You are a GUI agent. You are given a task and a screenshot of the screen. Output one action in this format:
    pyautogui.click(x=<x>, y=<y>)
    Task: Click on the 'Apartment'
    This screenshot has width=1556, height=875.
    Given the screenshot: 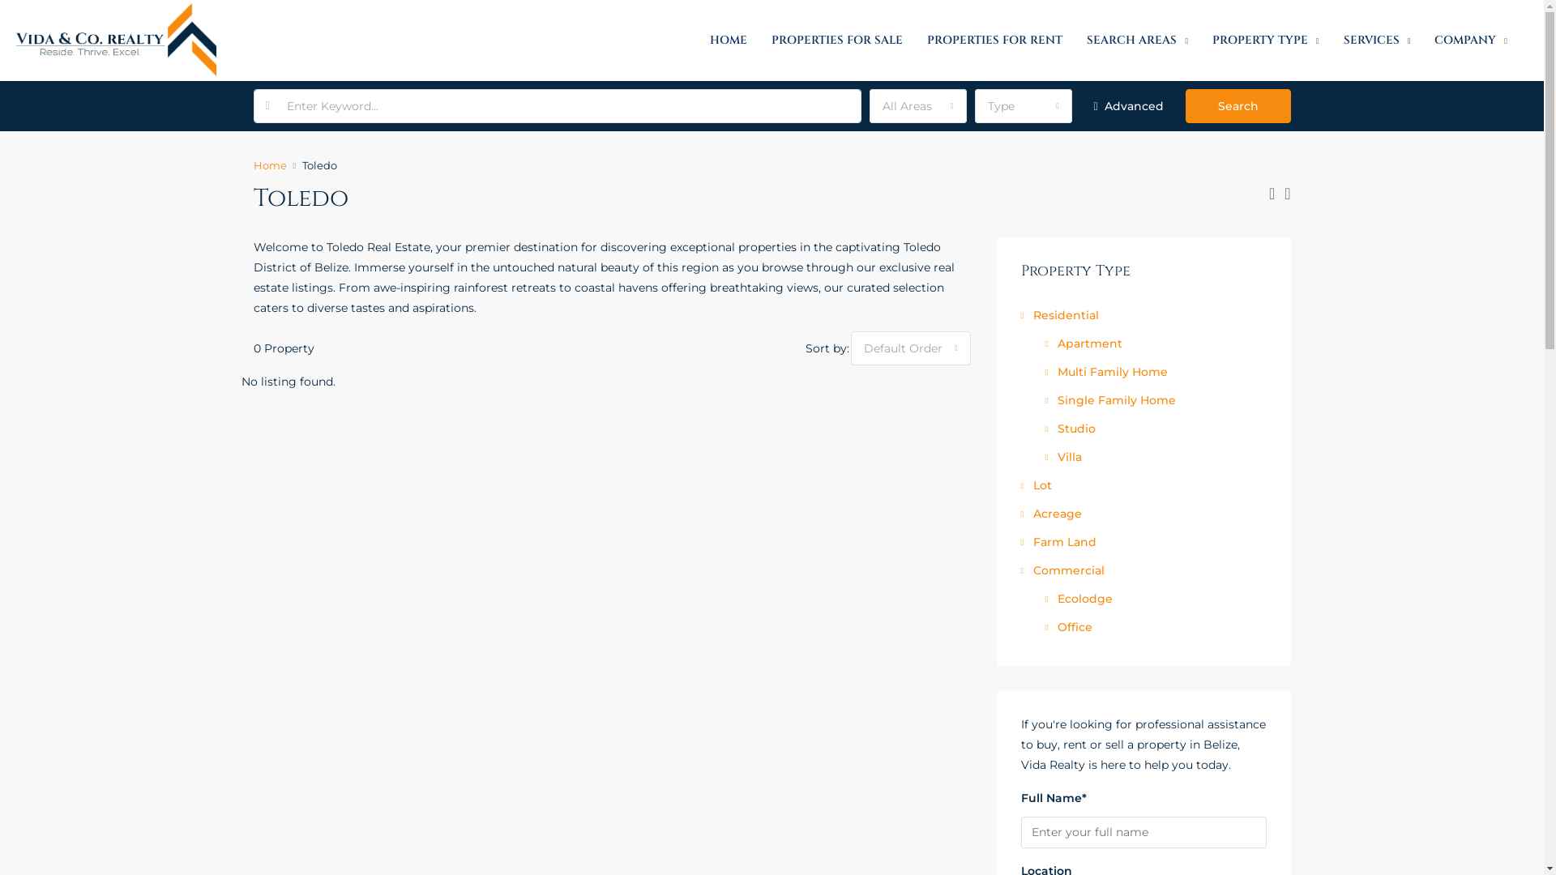 What is the action you would take?
    pyautogui.click(x=1084, y=343)
    